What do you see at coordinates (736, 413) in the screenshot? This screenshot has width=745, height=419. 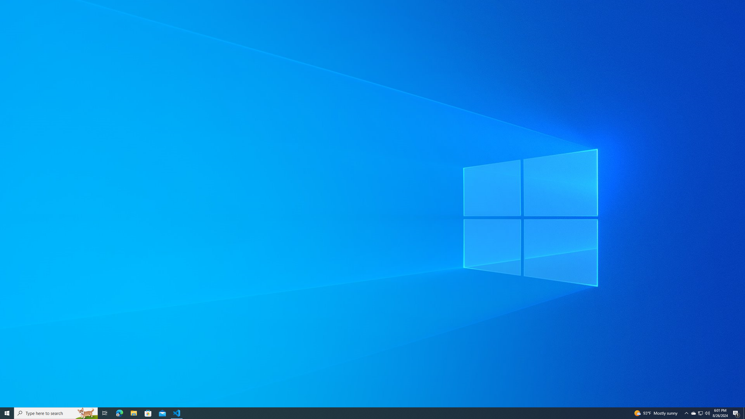 I see `'Action Center, 1 new notification'` at bounding box center [736, 413].